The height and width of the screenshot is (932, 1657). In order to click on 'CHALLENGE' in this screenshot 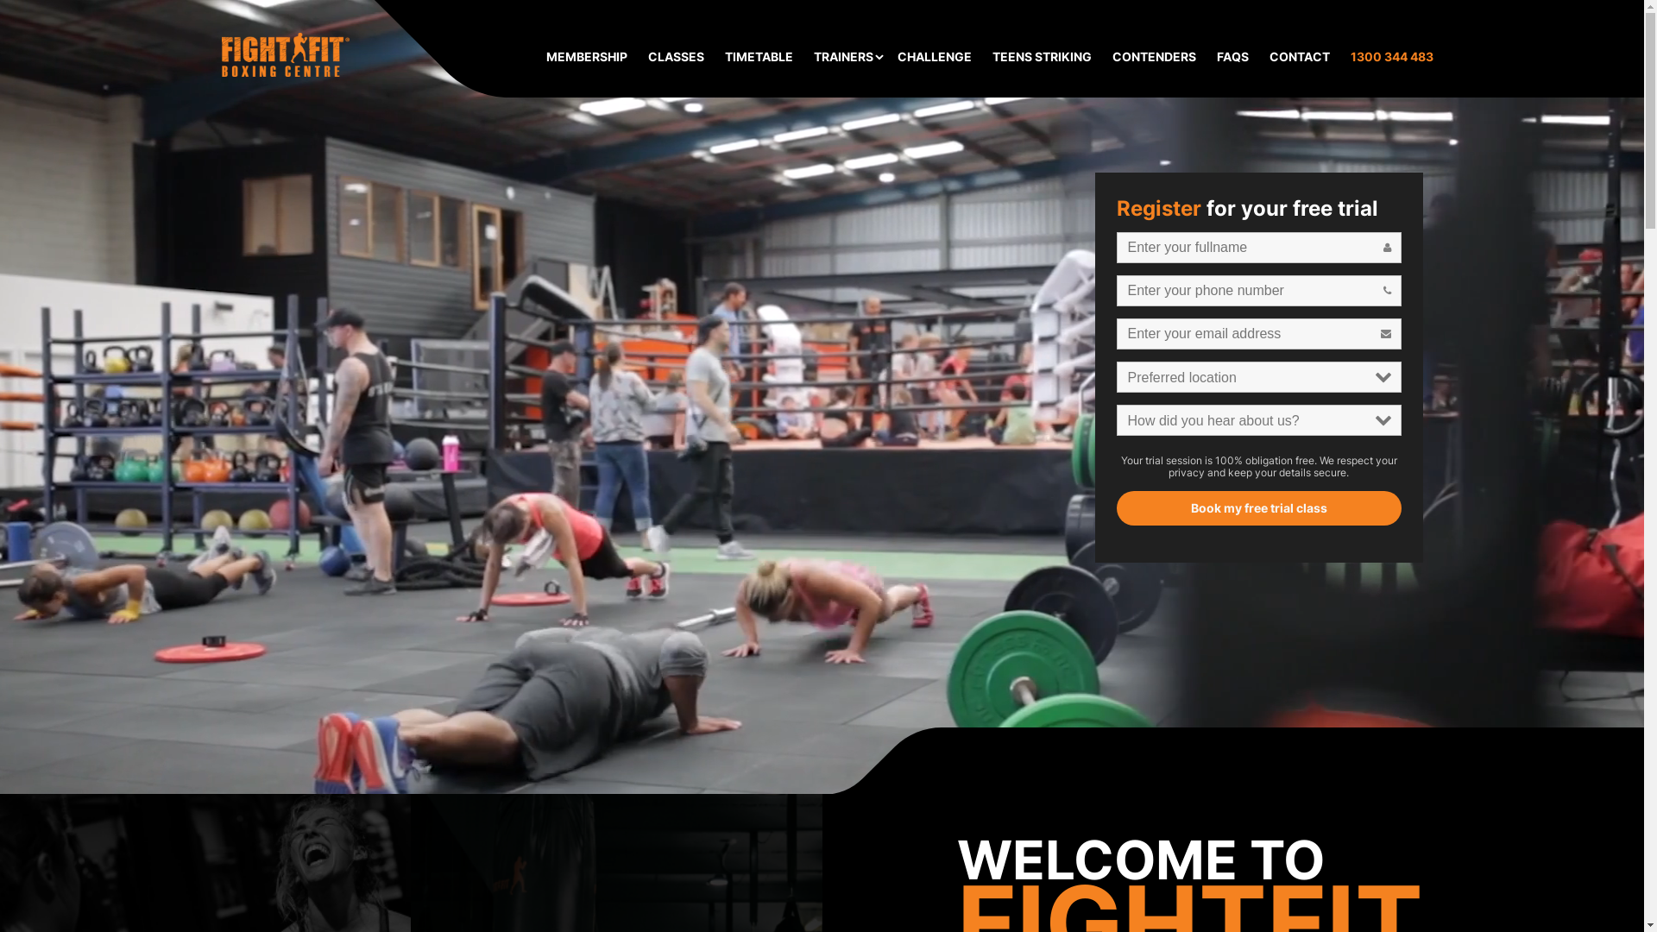, I will do `click(898, 55)`.